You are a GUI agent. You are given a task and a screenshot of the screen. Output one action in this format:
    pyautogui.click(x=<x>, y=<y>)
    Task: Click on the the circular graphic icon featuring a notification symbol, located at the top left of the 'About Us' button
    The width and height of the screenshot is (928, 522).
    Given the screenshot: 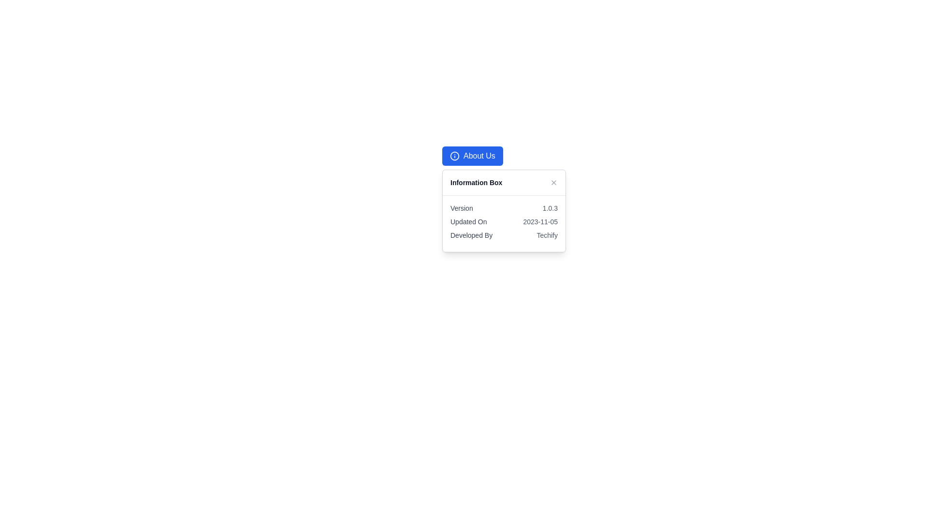 What is the action you would take?
    pyautogui.click(x=454, y=156)
    